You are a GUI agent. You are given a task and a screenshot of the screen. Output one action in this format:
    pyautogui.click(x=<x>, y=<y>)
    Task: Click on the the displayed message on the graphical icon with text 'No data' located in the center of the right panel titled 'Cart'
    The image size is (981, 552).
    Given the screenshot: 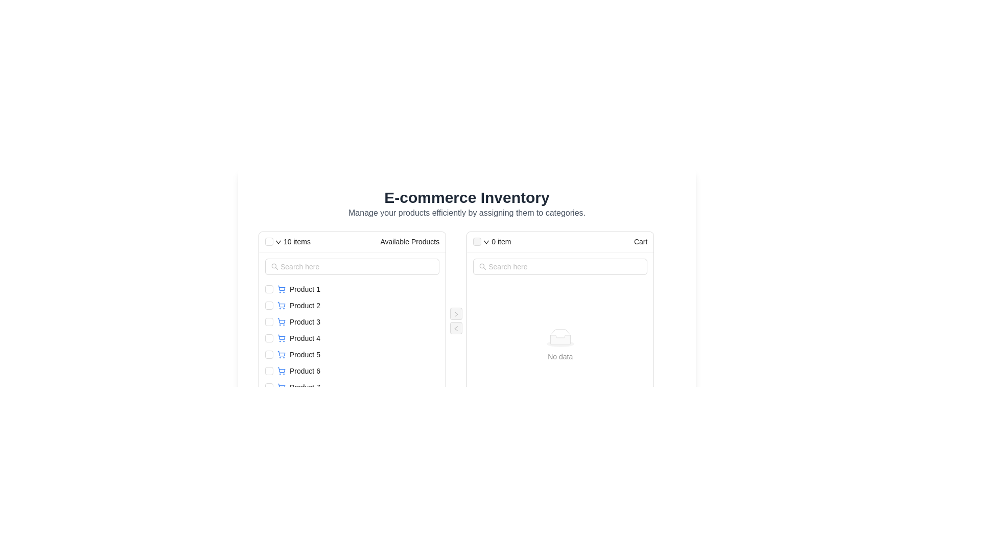 What is the action you would take?
    pyautogui.click(x=559, y=337)
    